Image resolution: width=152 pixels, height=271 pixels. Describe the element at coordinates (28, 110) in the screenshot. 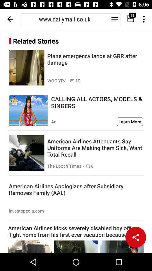

I see `advertisement for actors models and singers` at that location.